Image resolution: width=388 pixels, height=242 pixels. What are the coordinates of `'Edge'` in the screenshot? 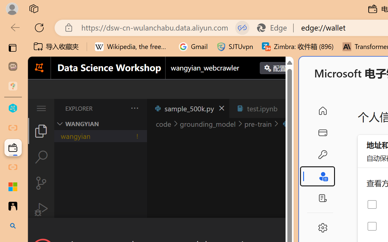 It's located at (274, 28).